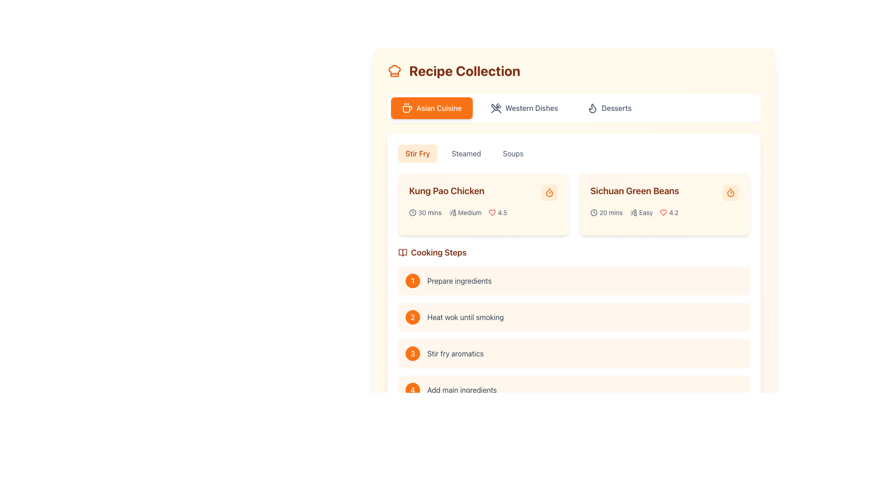 The image size is (872, 491). Describe the element at coordinates (592, 108) in the screenshot. I see `the flame icon, which is located at the top right of the navigation bar, serving as a marker for the 'Desserts' option` at that location.